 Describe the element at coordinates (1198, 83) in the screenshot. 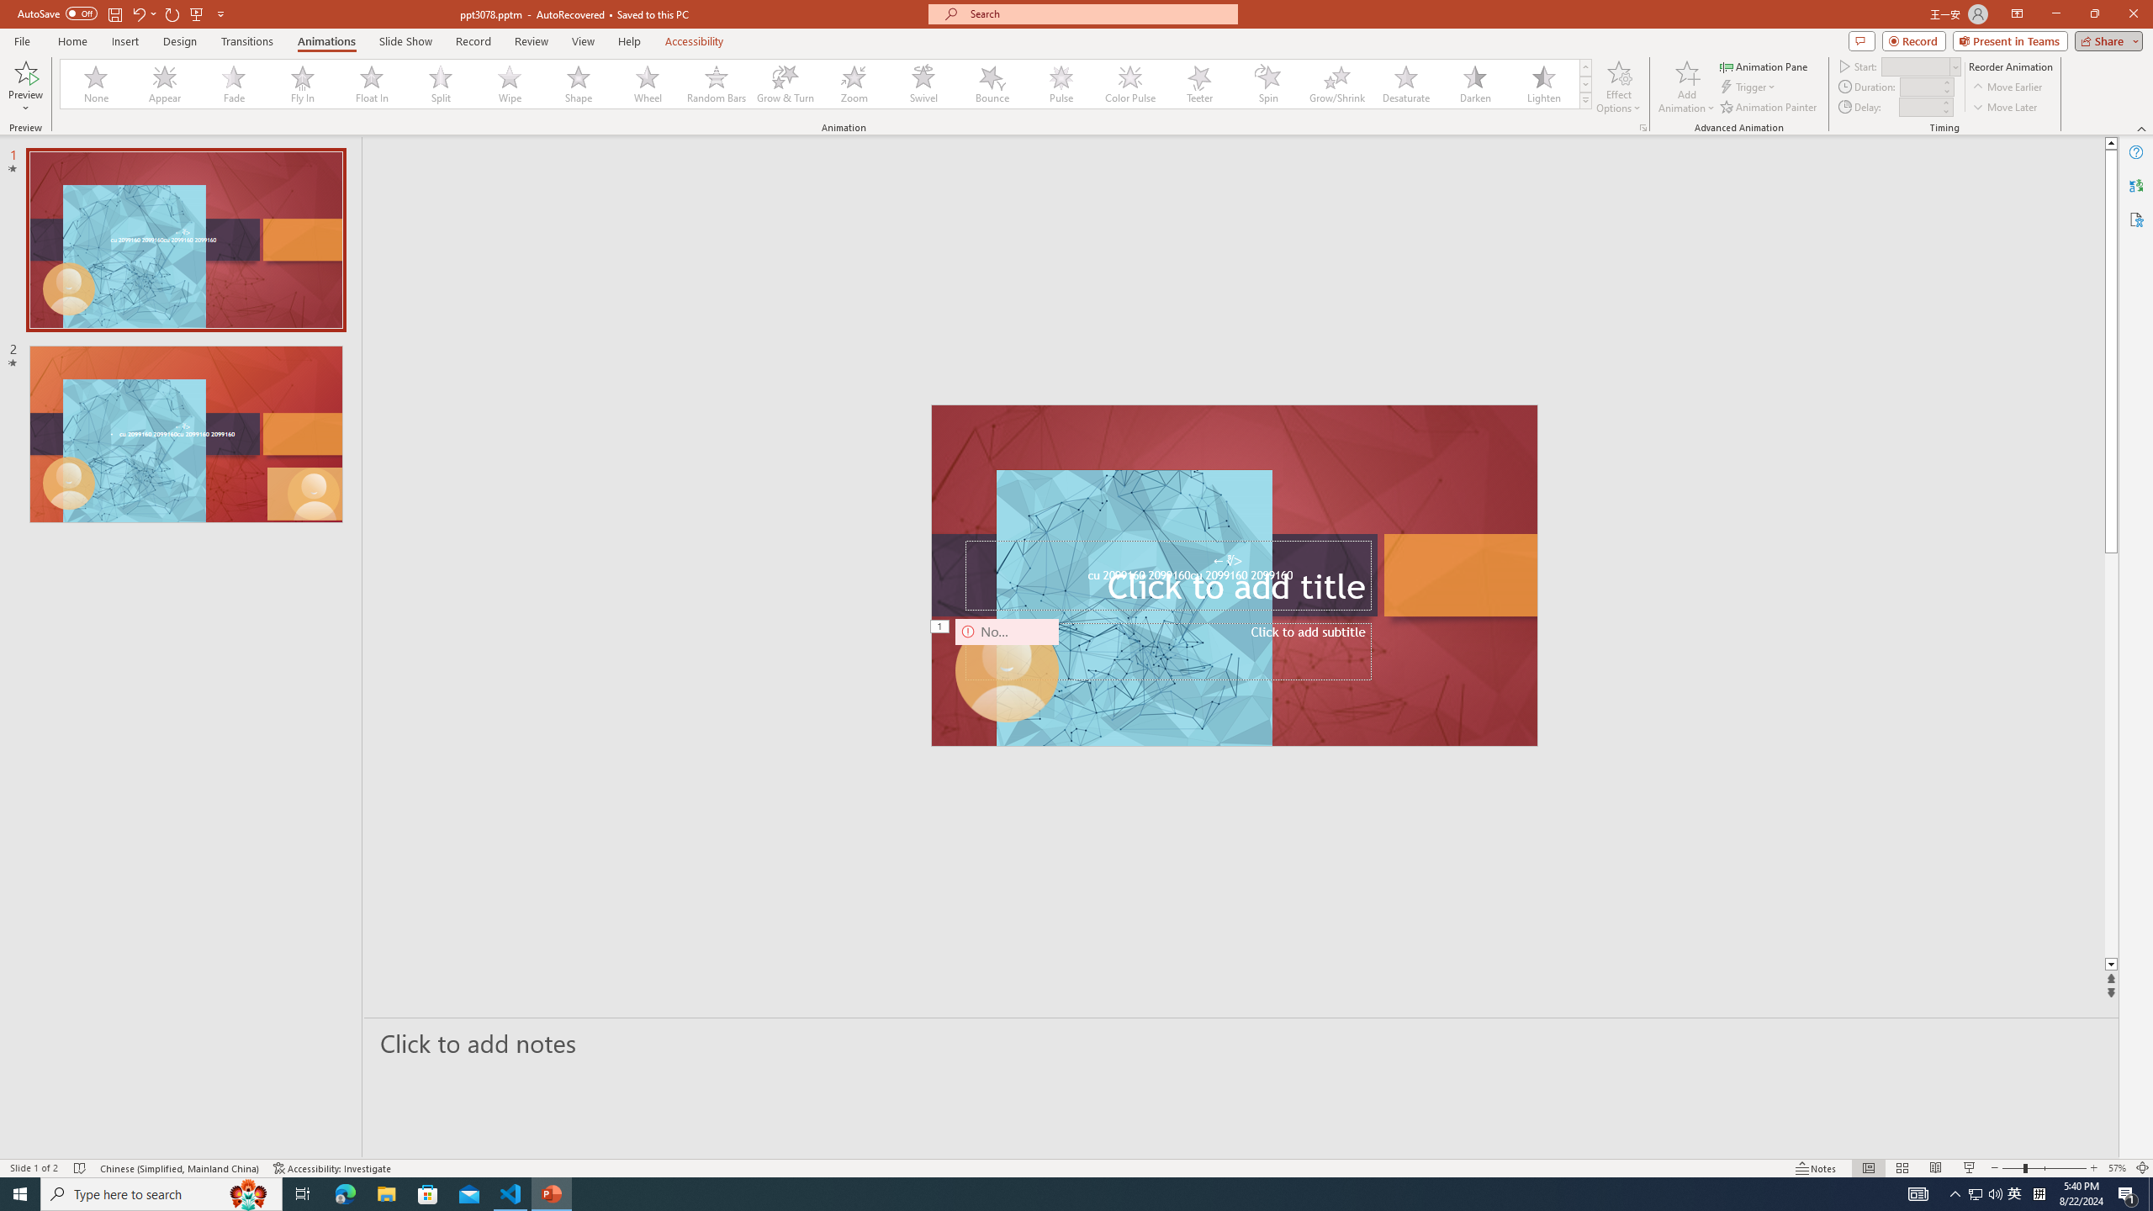

I see `'Teeter'` at that location.